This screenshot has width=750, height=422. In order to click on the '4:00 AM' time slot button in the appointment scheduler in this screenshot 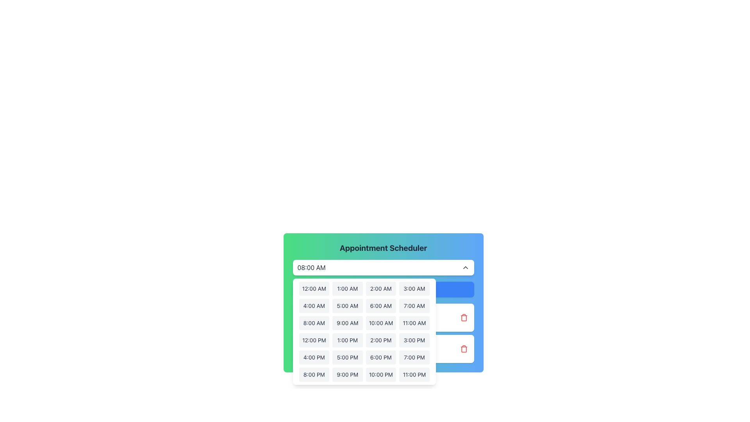, I will do `click(314, 306)`.